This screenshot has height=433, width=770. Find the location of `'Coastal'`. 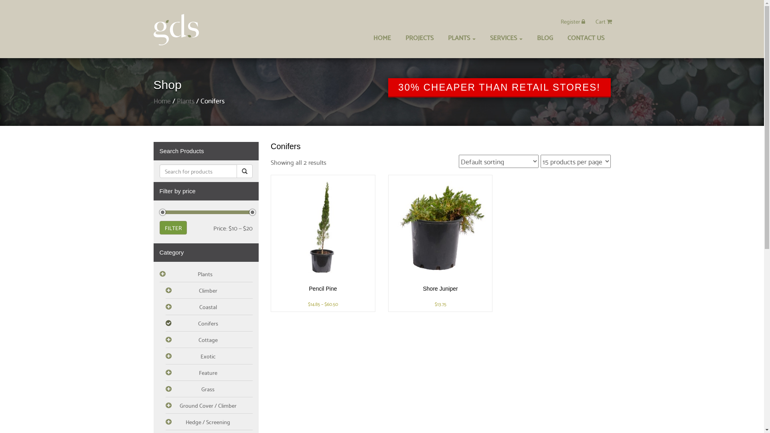

'Coastal' is located at coordinates (209, 307).